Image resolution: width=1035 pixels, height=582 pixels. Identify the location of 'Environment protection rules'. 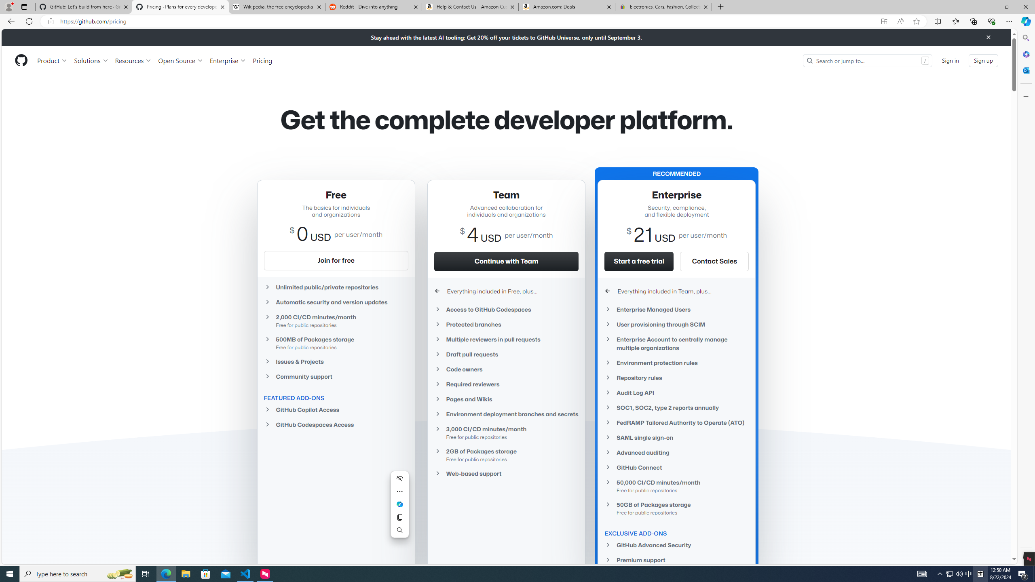
(677, 362).